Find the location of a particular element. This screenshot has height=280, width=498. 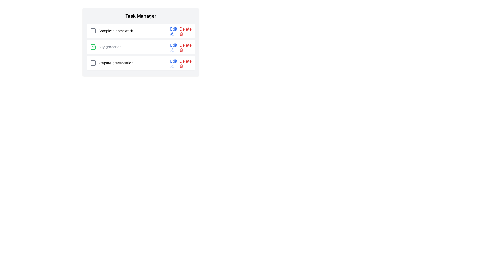

the 'Delete' link that is positioned to the far right of the 'Complete homework' task description in the task list is located at coordinates (181, 31).